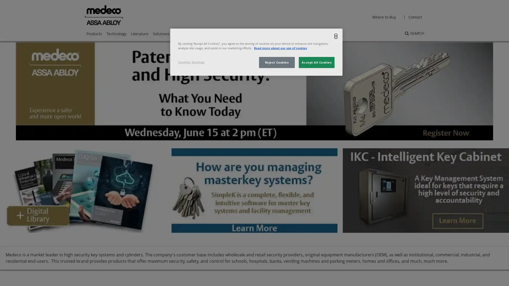 The width and height of the screenshot is (509, 286). What do you see at coordinates (317, 62) in the screenshot?
I see `Accept All Cookies` at bounding box center [317, 62].